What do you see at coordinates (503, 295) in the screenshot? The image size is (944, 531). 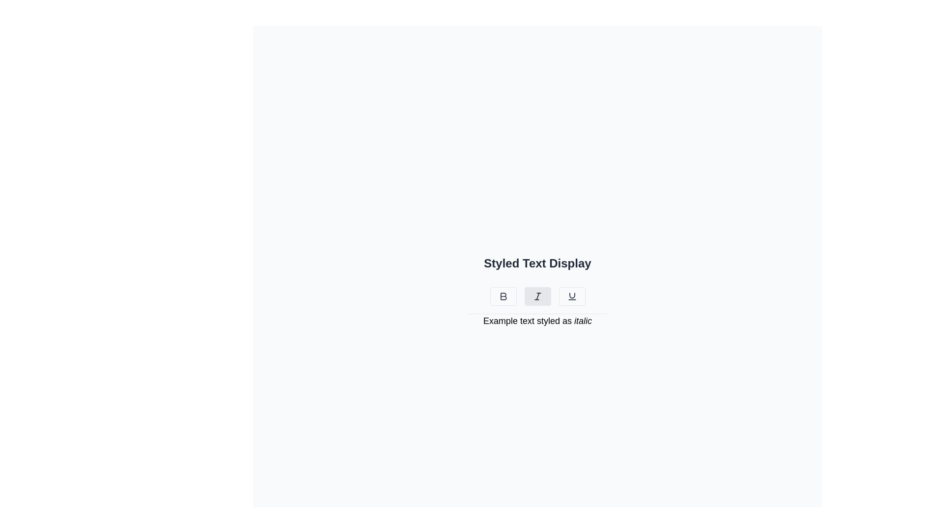 I see `the bold icon button represented as a stylized letter 'B' located beneath the 'Styled Text Display' heading` at bounding box center [503, 295].